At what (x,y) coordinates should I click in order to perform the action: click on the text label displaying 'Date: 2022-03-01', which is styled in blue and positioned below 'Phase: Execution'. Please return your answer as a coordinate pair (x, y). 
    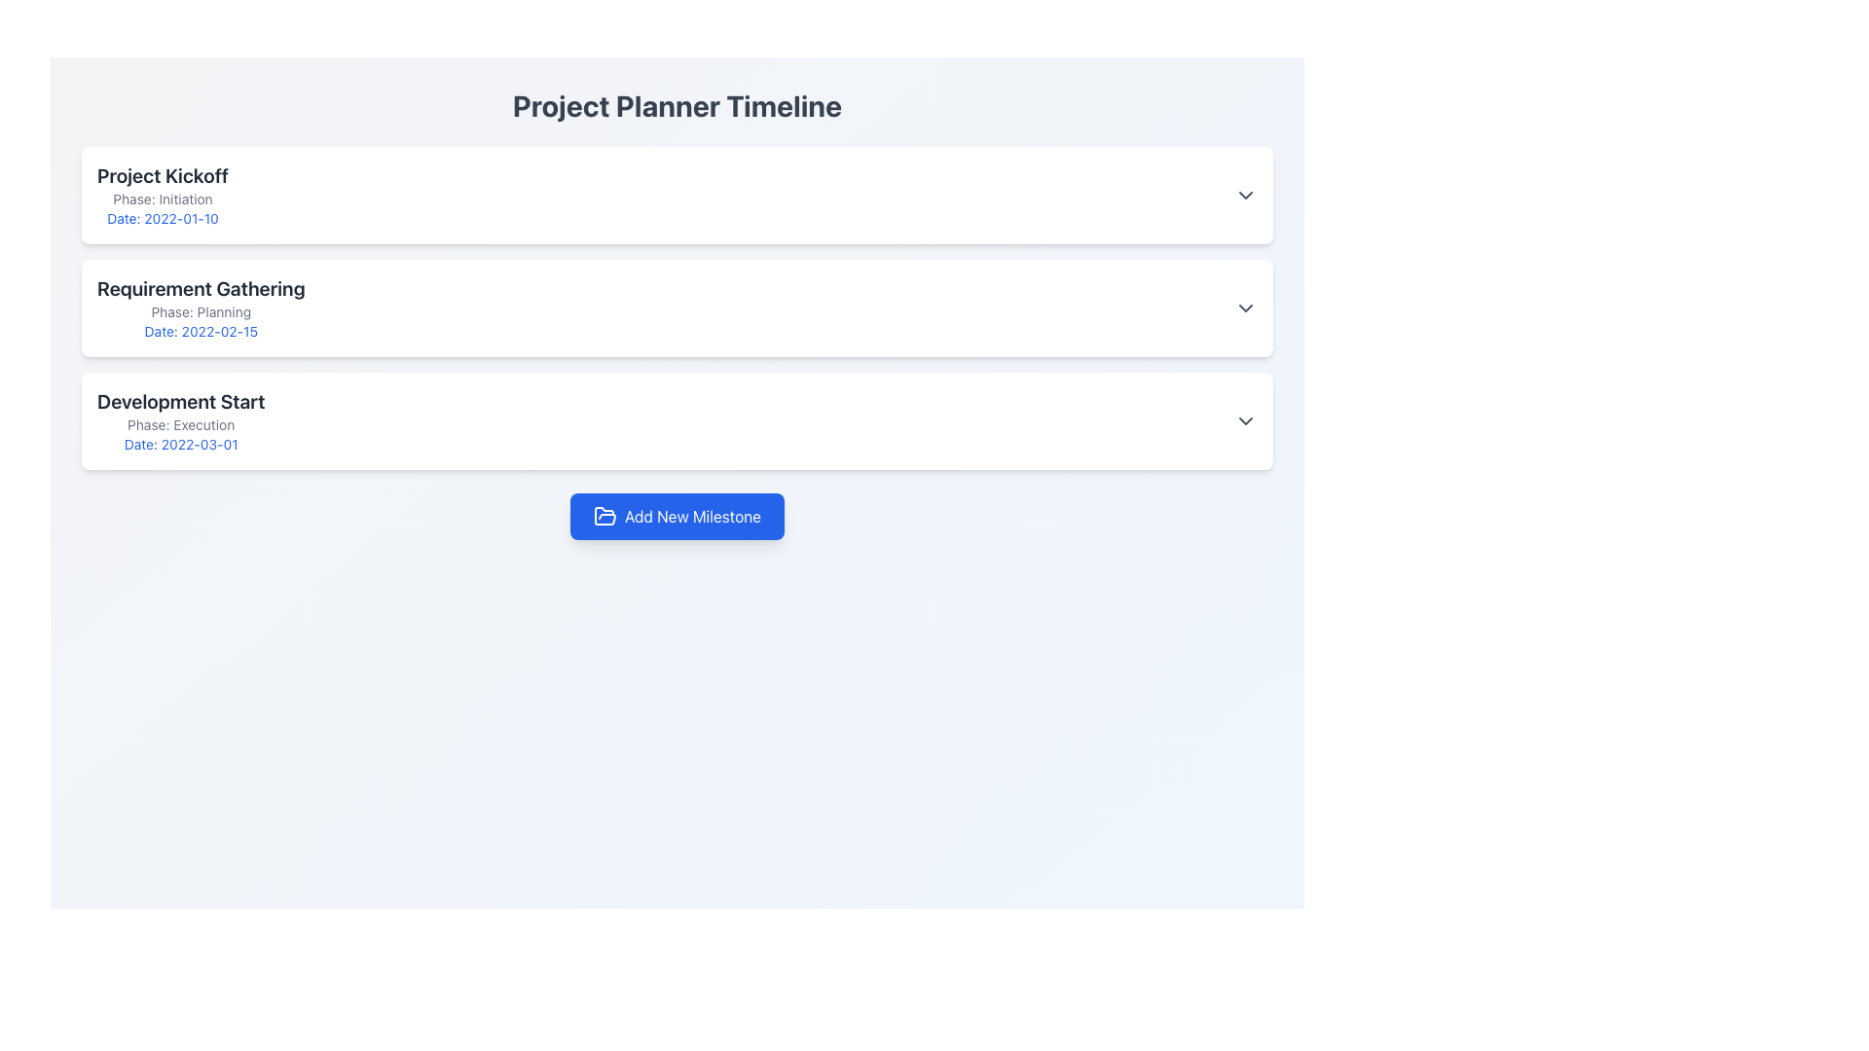
    Looking at the image, I should click on (181, 444).